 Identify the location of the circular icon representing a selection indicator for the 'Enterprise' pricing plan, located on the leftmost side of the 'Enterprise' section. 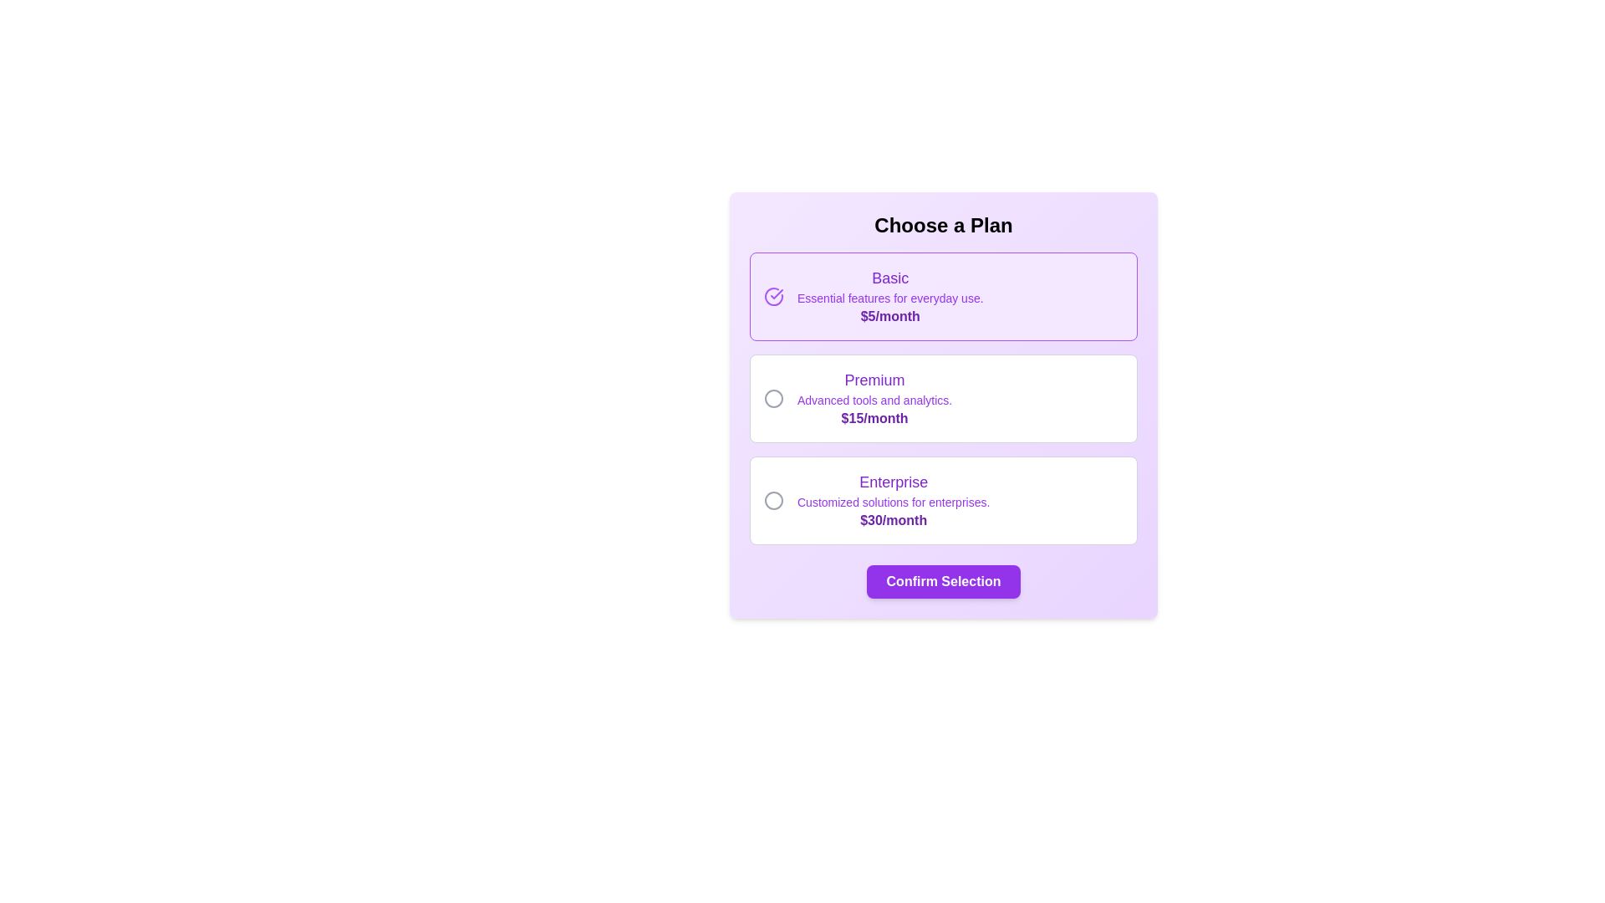
(773, 499).